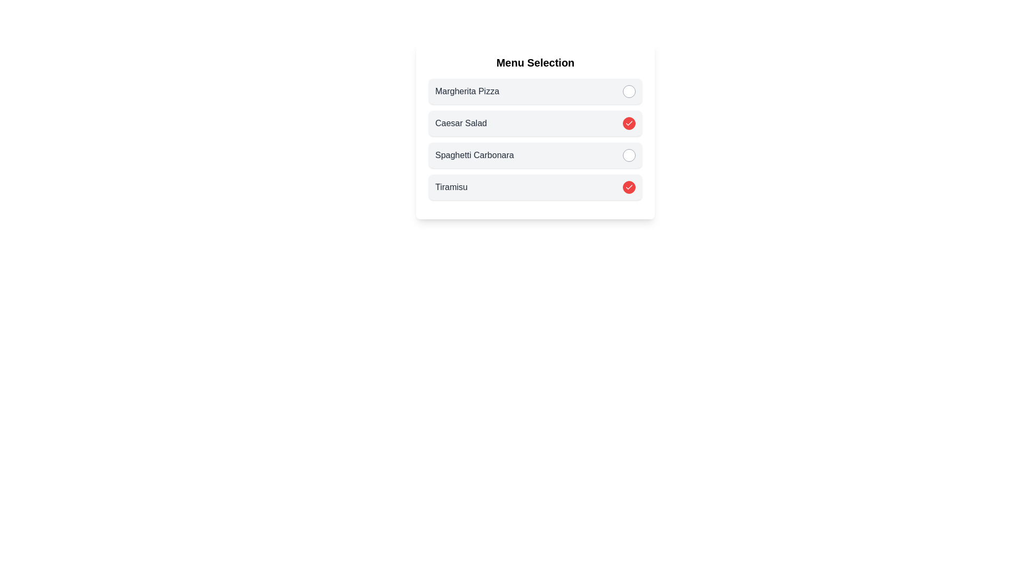  Describe the element at coordinates (629, 155) in the screenshot. I see `the menu item corresponding to Spaghetti Carbonara` at that location.